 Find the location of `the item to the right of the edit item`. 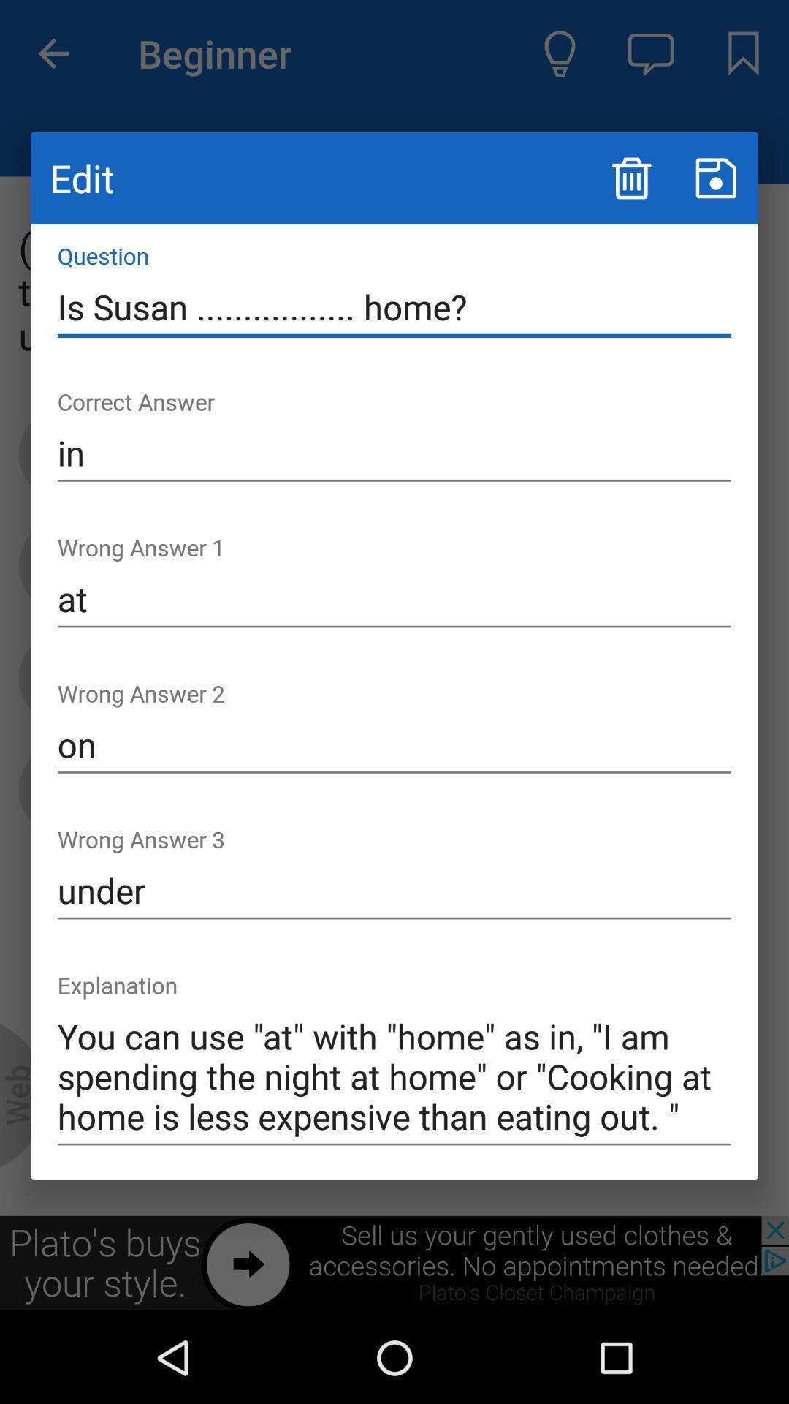

the item to the right of the edit item is located at coordinates (630, 177).